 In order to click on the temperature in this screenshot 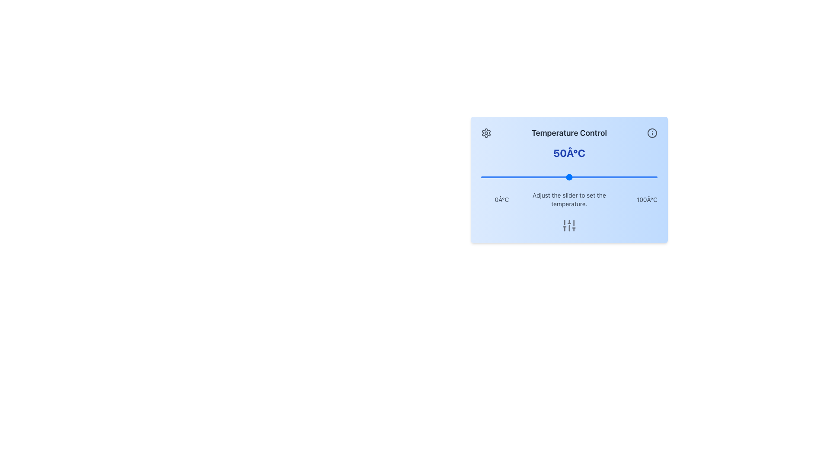, I will do `click(542, 176)`.